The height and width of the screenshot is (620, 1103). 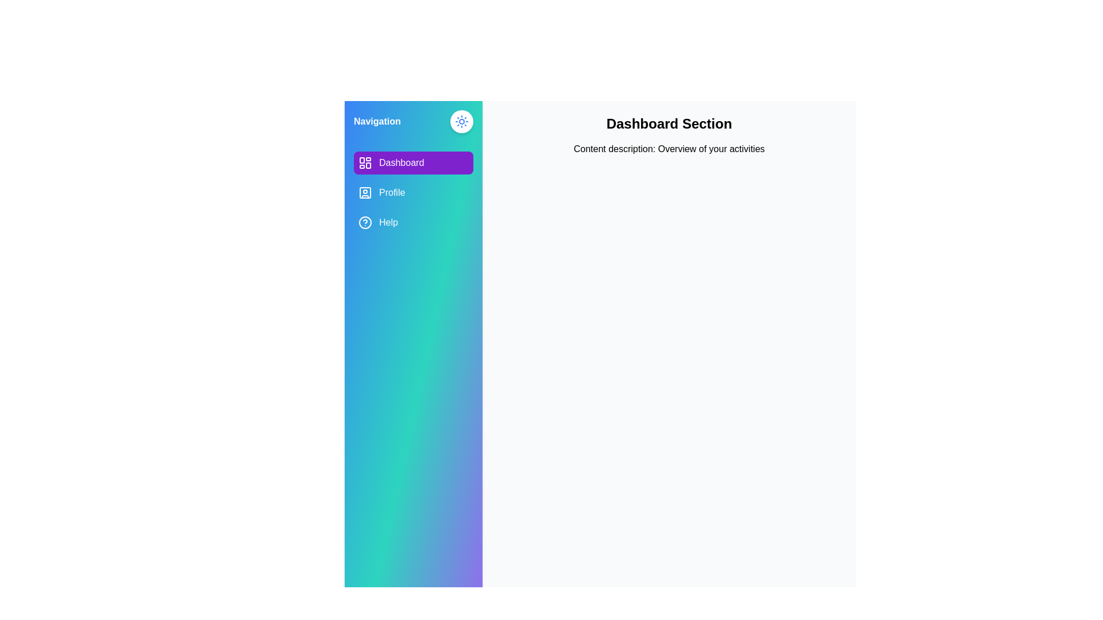 What do you see at coordinates (414, 223) in the screenshot?
I see `the Help tab in the menu to see its hover effect` at bounding box center [414, 223].